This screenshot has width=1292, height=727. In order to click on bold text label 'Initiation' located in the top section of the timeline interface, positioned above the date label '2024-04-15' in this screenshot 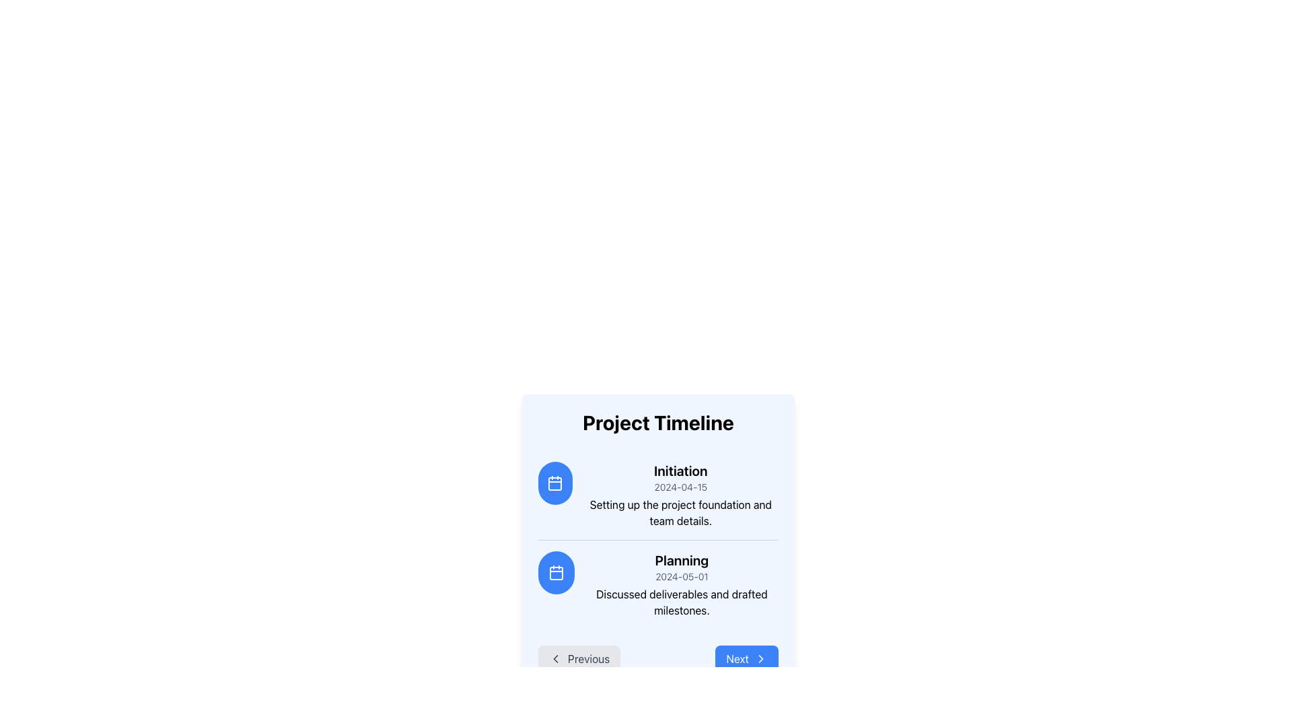, I will do `click(680, 470)`.